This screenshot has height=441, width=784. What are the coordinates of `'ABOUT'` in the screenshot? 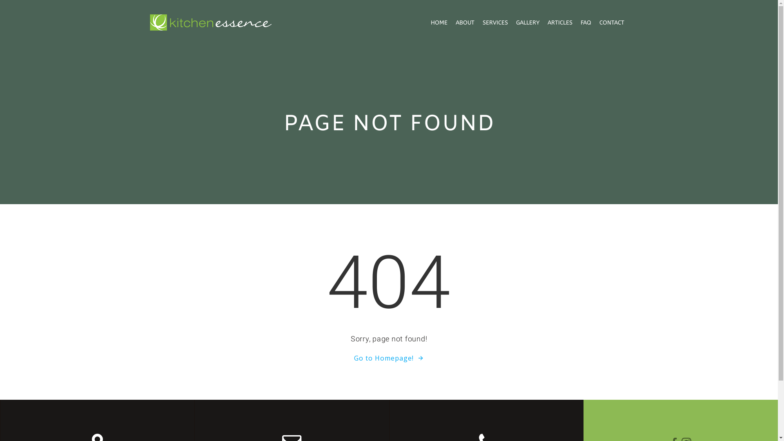 It's located at (465, 22).